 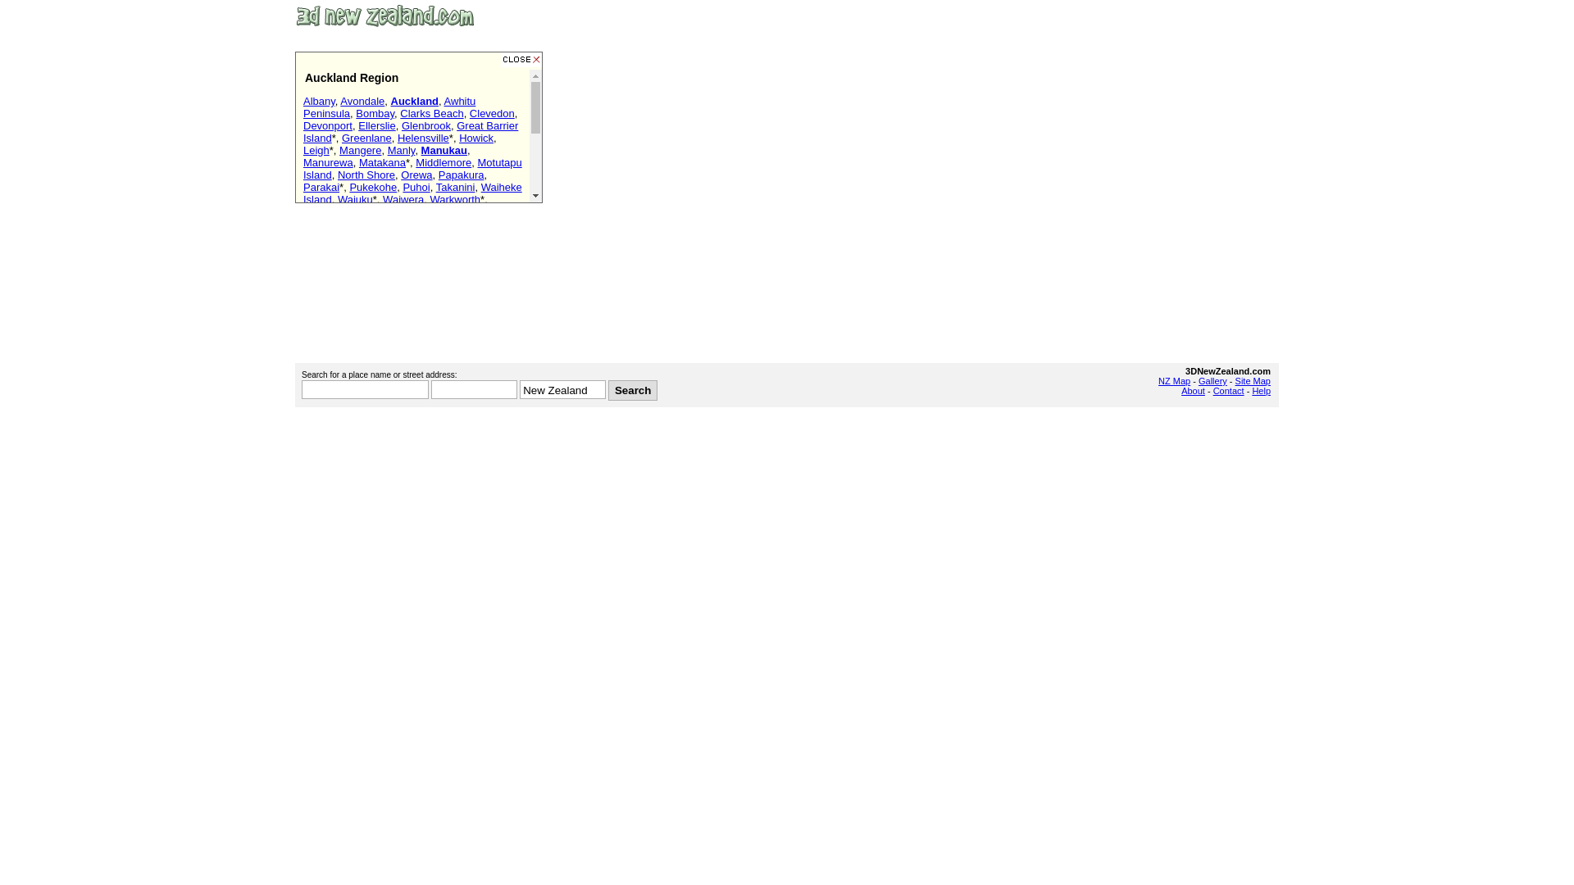 I want to click on 'Howick', so click(x=459, y=137).